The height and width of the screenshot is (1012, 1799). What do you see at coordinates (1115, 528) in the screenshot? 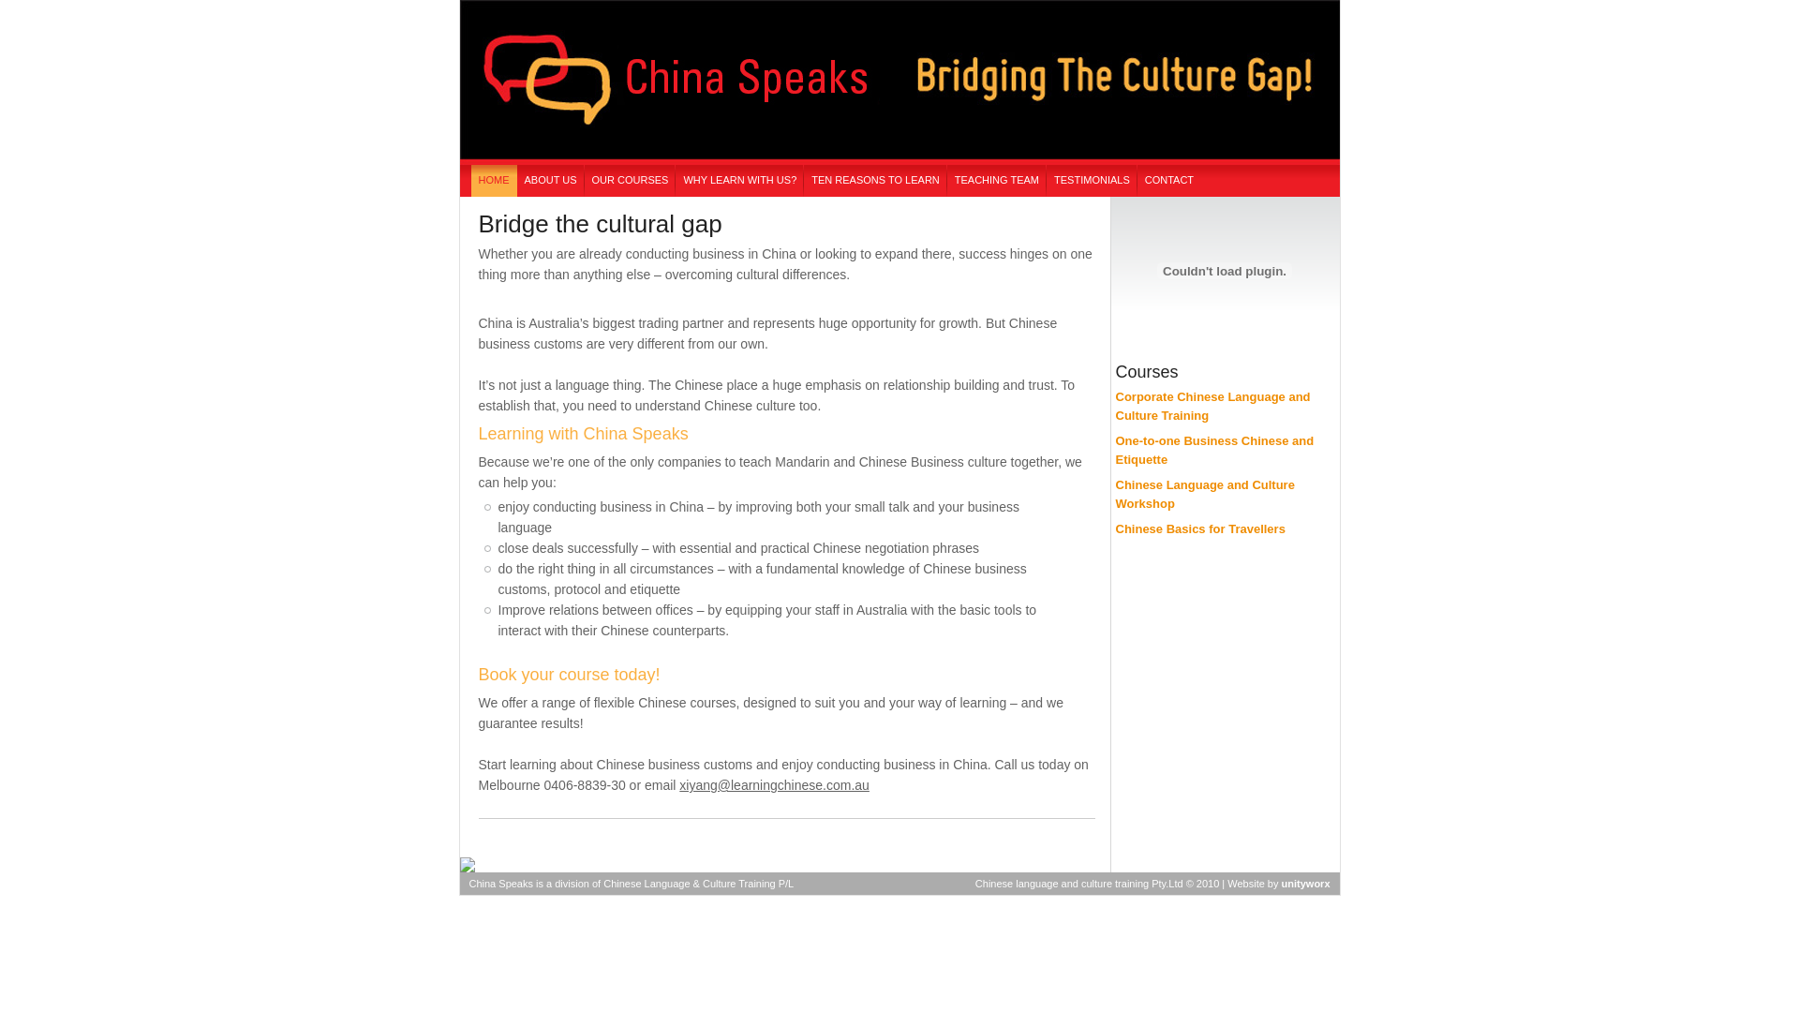
I see `'Chinese Basics for Travellers'` at bounding box center [1115, 528].